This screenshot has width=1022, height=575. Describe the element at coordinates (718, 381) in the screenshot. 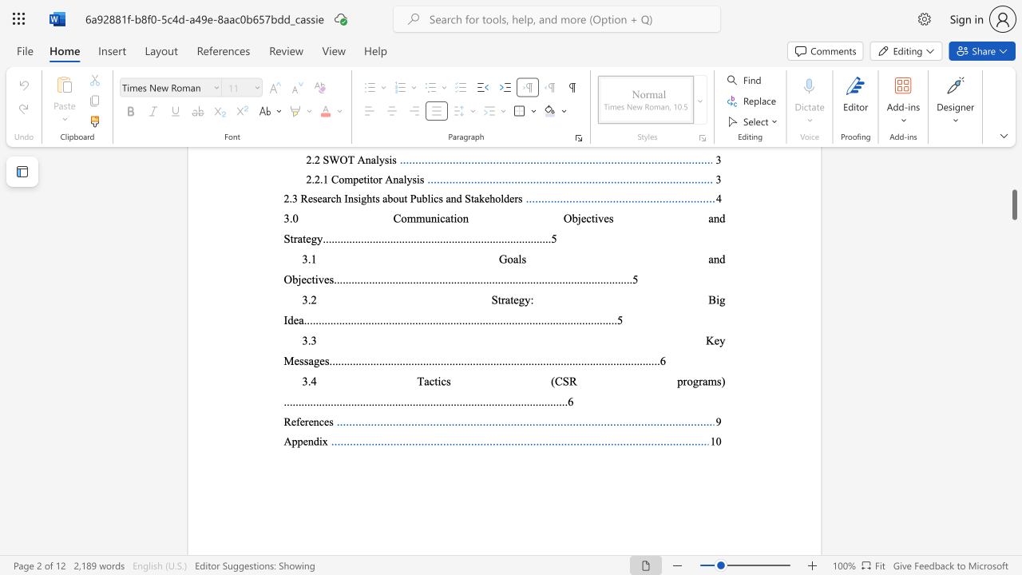

I see `the 2th character "s" in the text` at that location.